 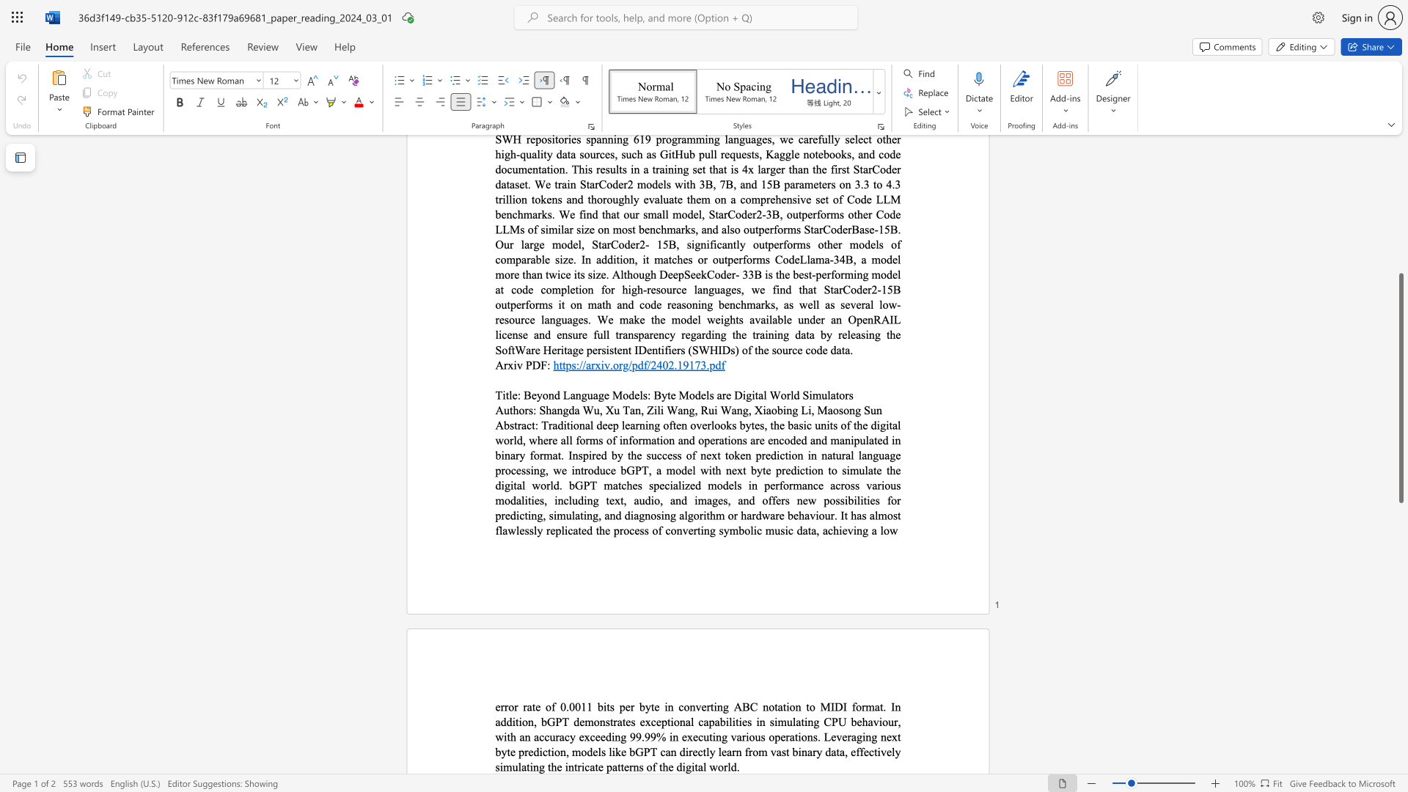 What do you see at coordinates (596, 721) in the screenshot?
I see `the 9th character "o" in the text` at bounding box center [596, 721].